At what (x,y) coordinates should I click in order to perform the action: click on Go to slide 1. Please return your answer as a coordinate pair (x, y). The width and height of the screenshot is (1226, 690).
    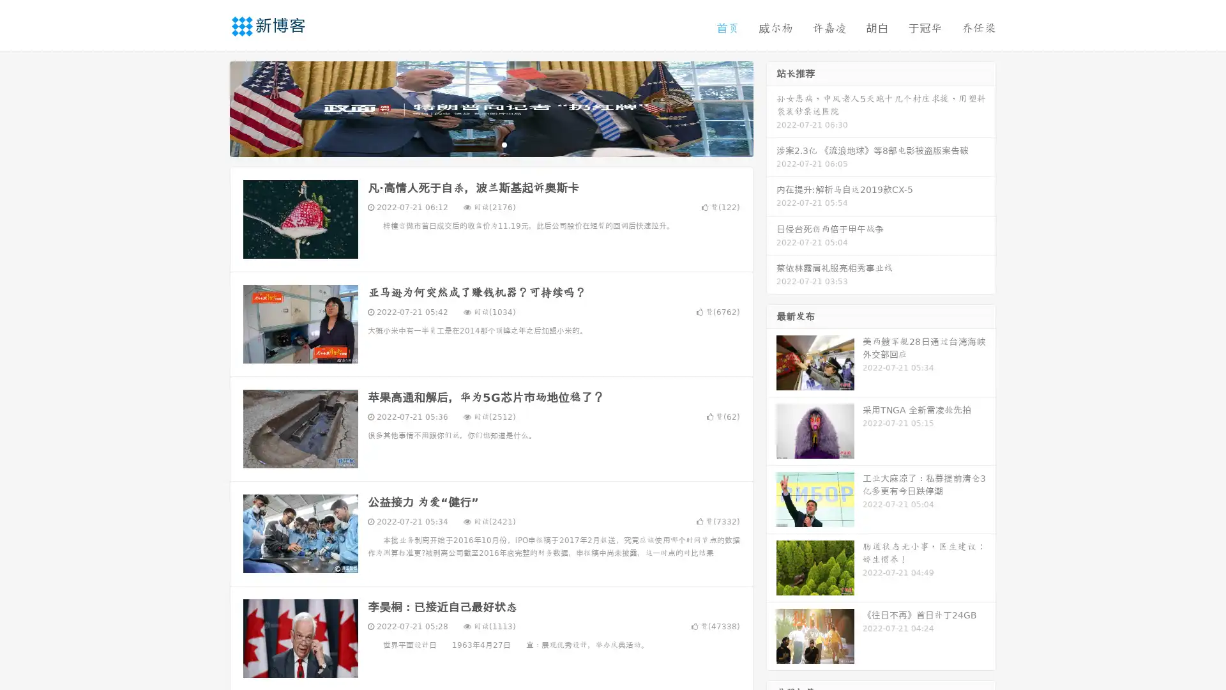
    Looking at the image, I should click on (478, 144).